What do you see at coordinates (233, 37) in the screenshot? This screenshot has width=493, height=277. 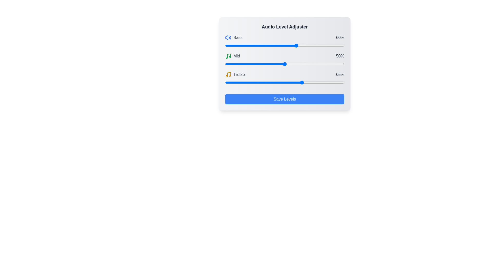 I see `the 'Bass' text label, which is styled in gray and distinctively positioned after a blue speaker icon within the audio adjustment interface` at bounding box center [233, 37].